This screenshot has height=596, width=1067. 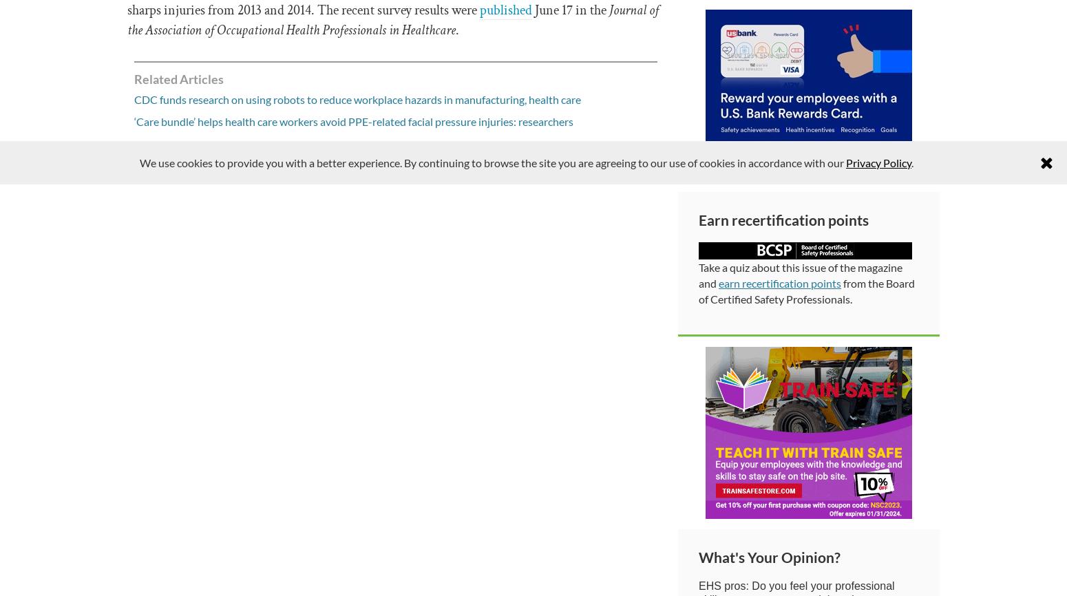 I want to click on 'earn recertification points', so click(x=718, y=282).